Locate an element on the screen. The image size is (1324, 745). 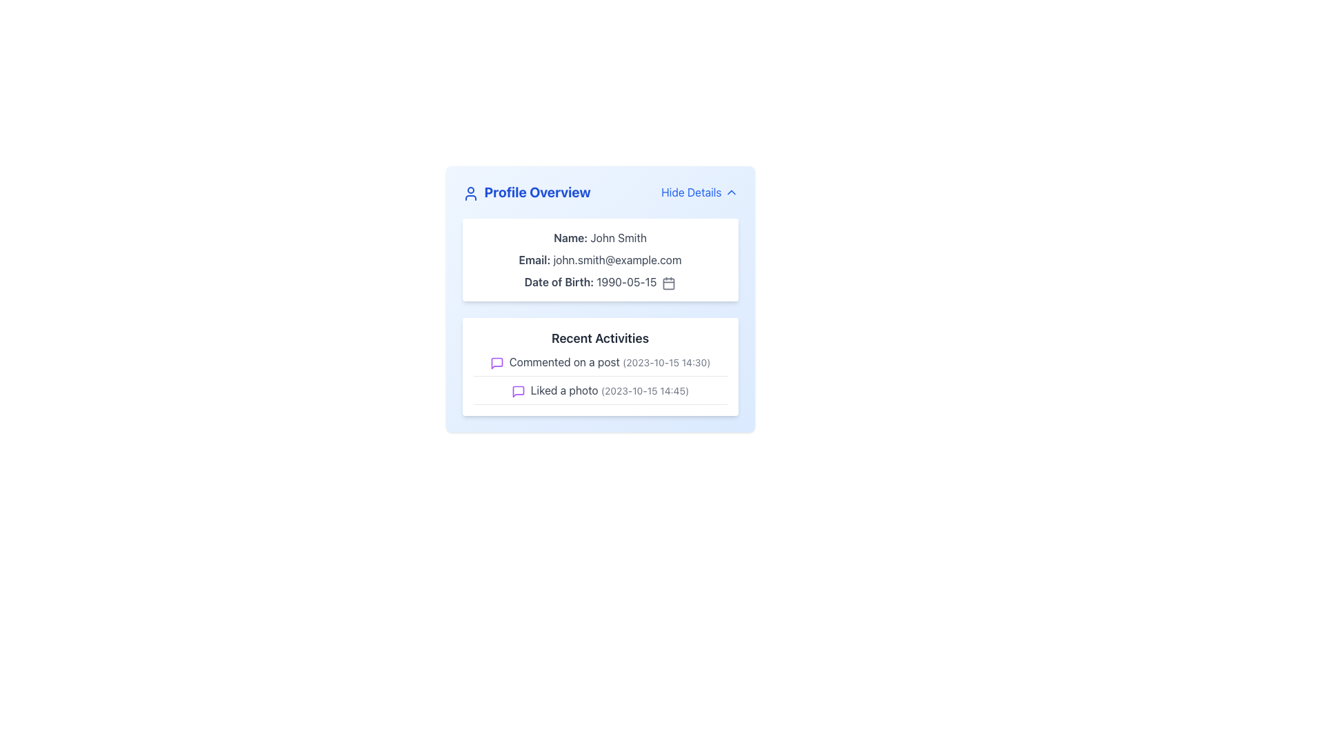
the comment icon located next to the text 'Commented on a post (2023-10-15 14:30)' in the 'Recent Activities' section of the 'Profile Overview' card is located at coordinates (496, 362).